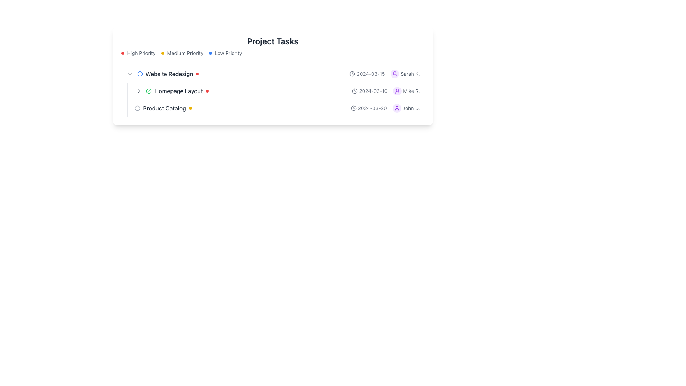 Image resolution: width=686 pixels, height=386 pixels. I want to click on the date icon located to the left of the date '2024-03-15' in the 'Project Tasks' section, which signifies the deadline of a task, so click(352, 74).